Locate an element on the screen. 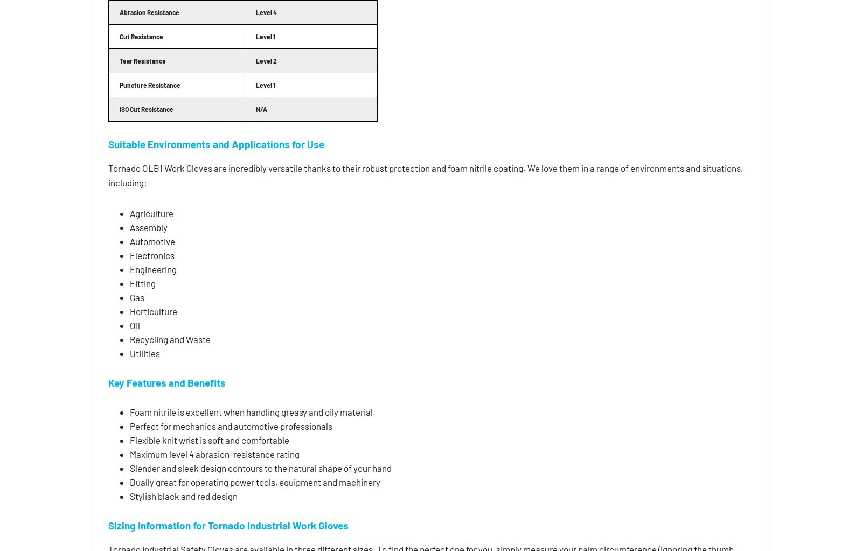  'Horticulture' is located at coordinates (153, 311).